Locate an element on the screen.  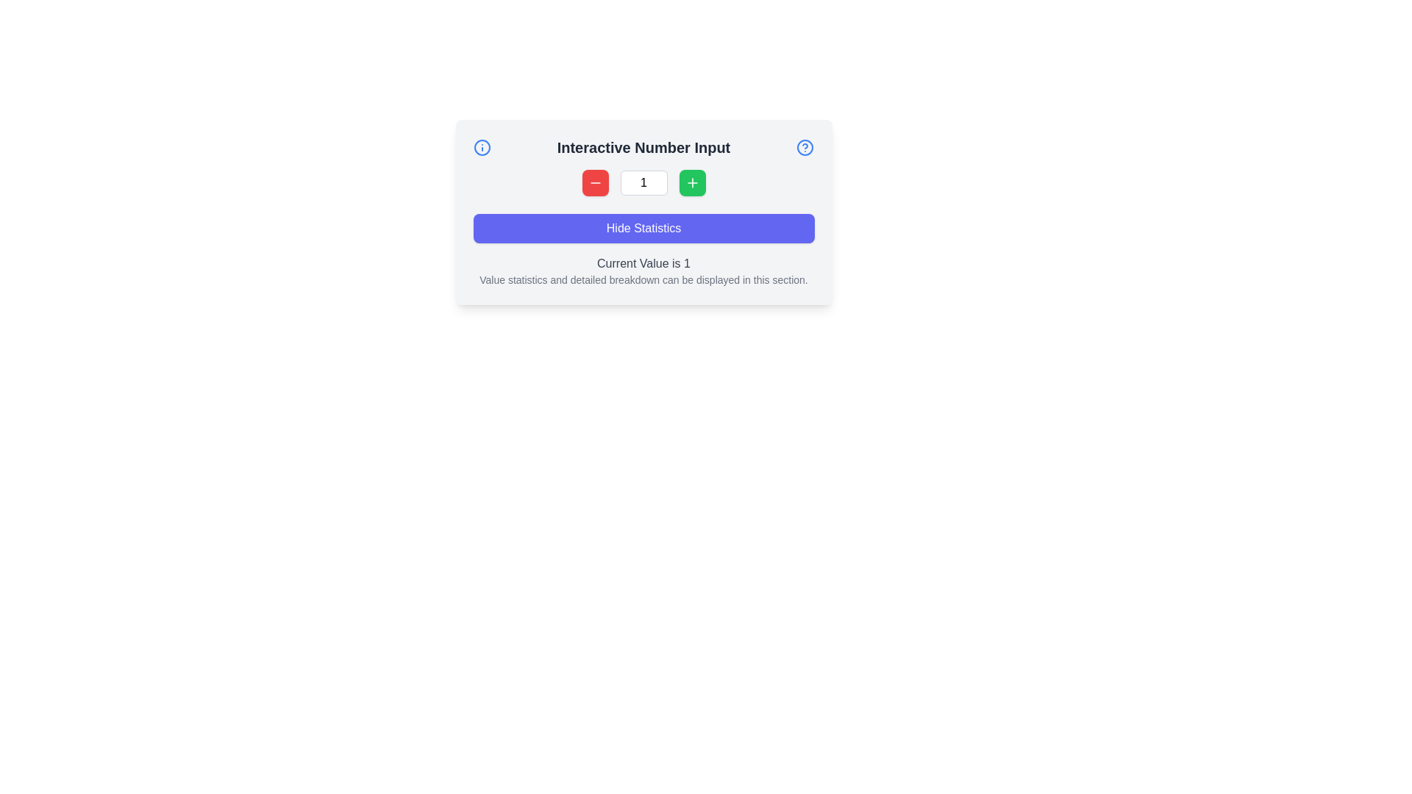
the numeric input box within the Interactive control group is located at coordinates (643, 182).